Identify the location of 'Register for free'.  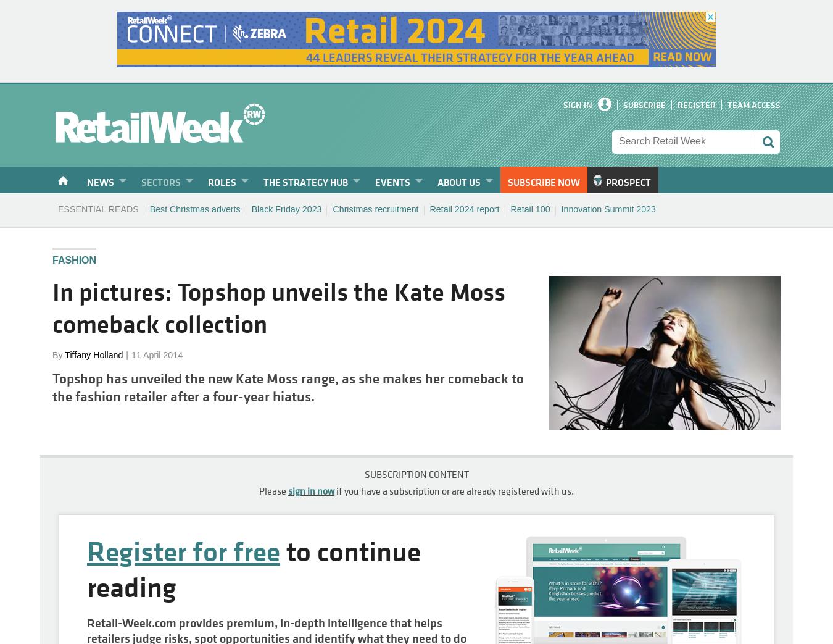
(183, 550).